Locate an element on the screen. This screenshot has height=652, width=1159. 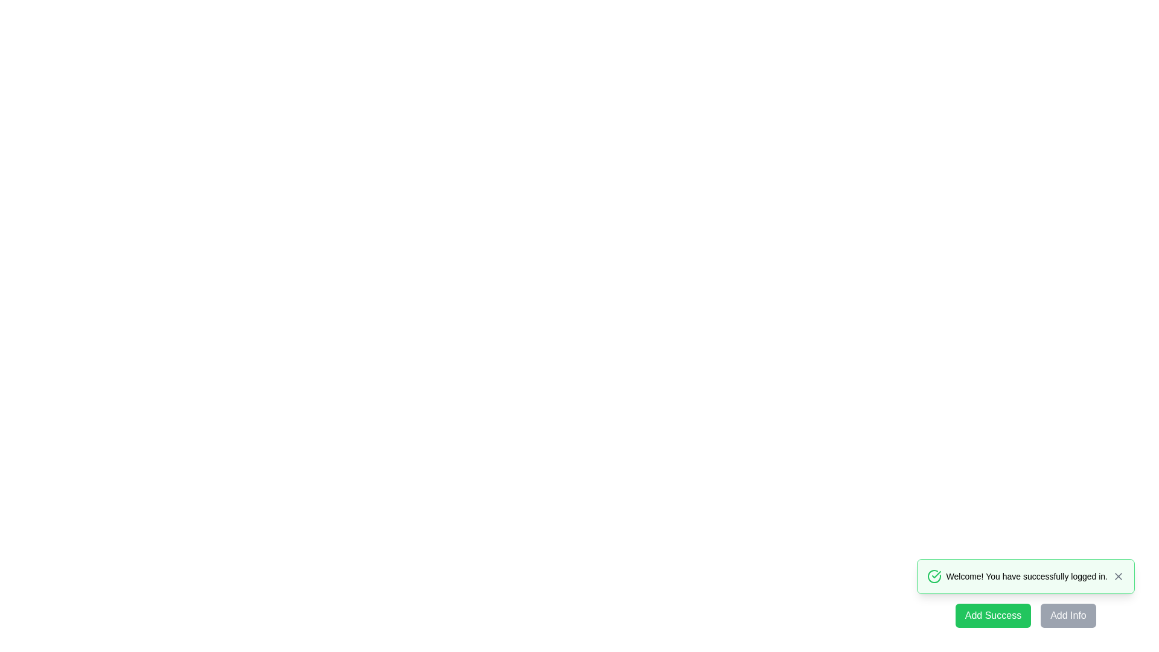
the close icon button represented by a cross ('X') located within the green-bordered notification card, positioned to the right of the text 'Welcome! You have successfully logged in.' is located at coordinates (1117, 576).